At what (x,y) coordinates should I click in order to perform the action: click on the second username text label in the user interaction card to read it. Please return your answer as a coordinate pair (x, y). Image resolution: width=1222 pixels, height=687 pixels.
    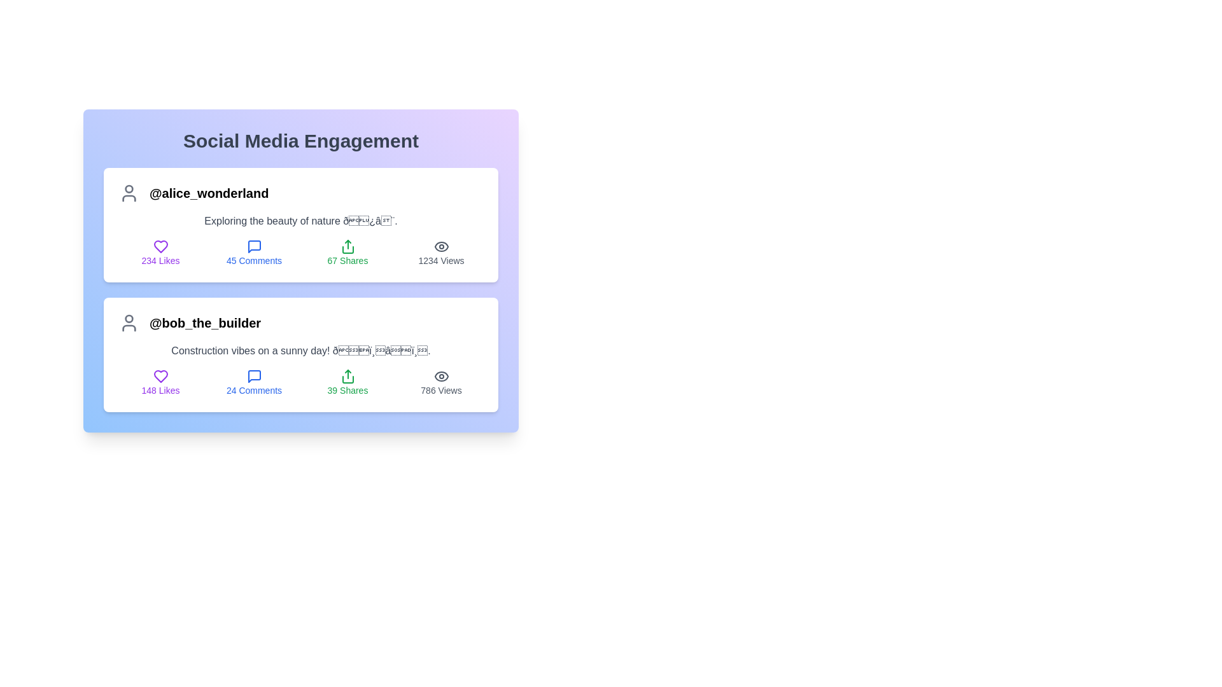
    Looking at the image, I should click on (205, 323).